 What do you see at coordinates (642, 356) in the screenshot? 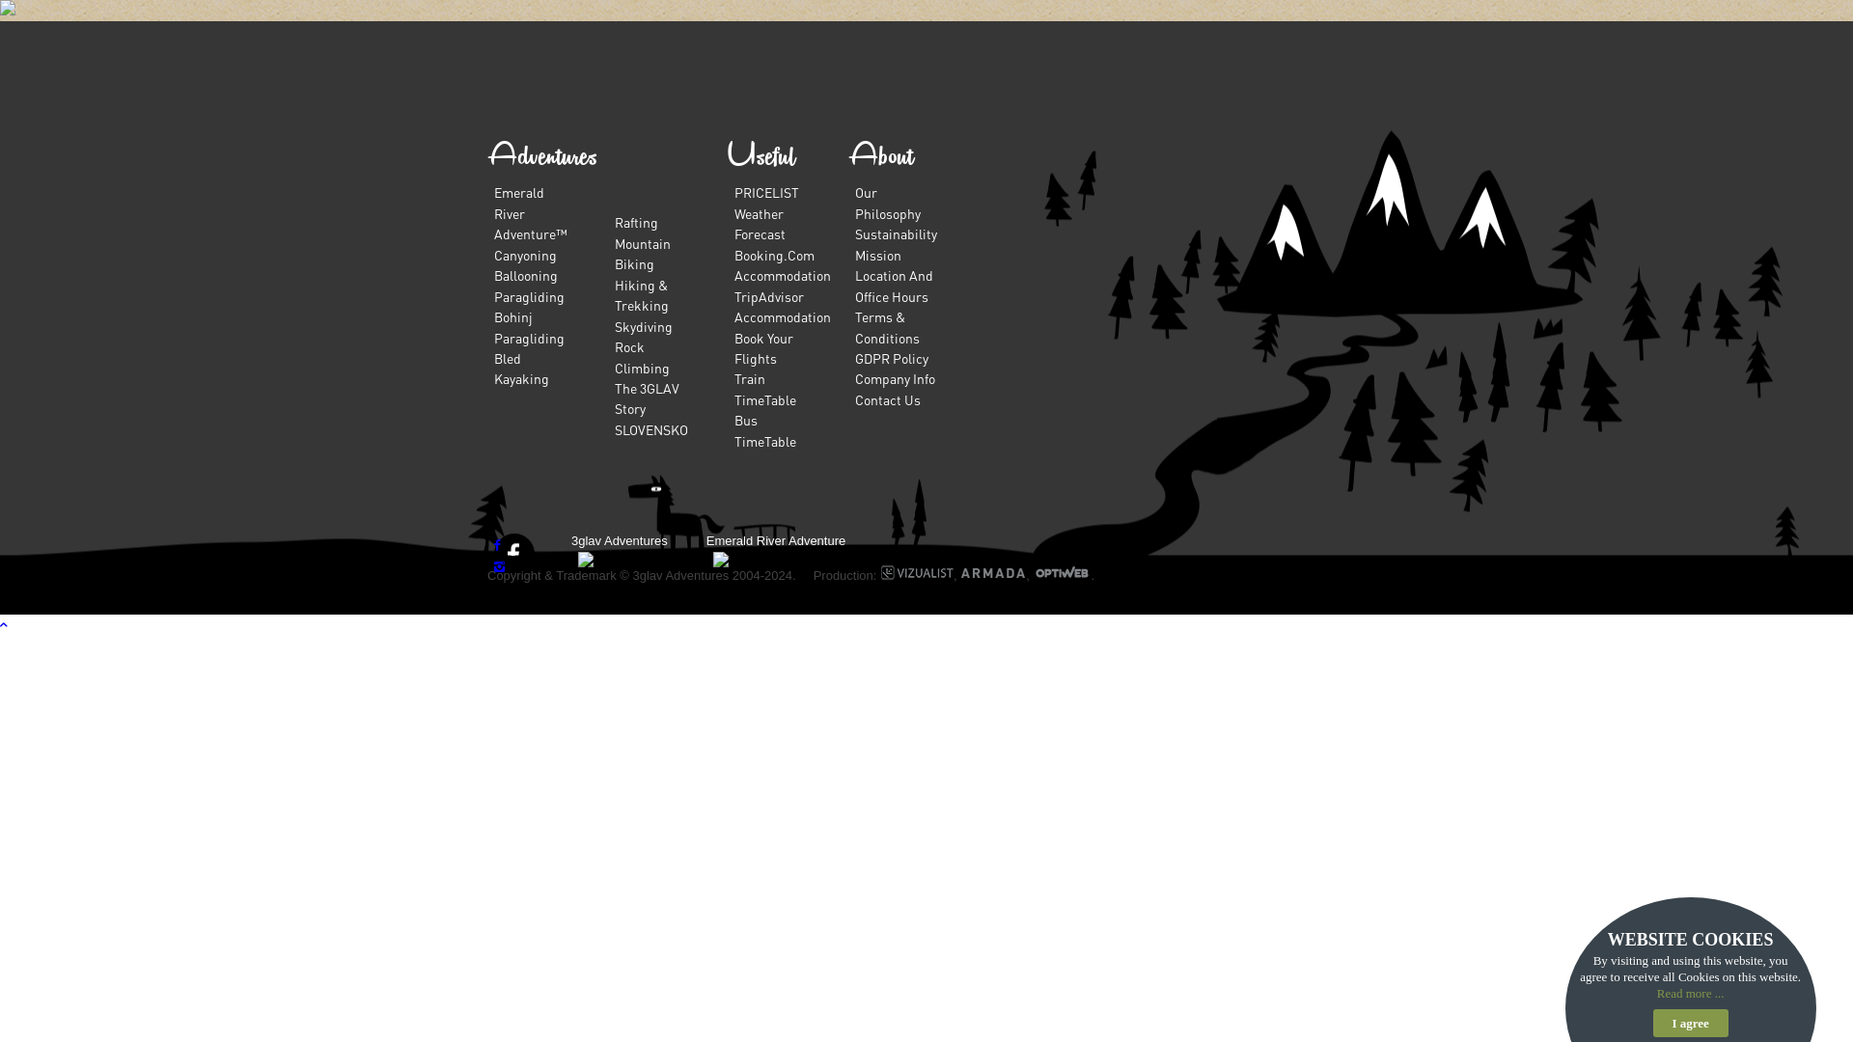
I see `'Rock Climbing'` at bounding box center [642, 356].